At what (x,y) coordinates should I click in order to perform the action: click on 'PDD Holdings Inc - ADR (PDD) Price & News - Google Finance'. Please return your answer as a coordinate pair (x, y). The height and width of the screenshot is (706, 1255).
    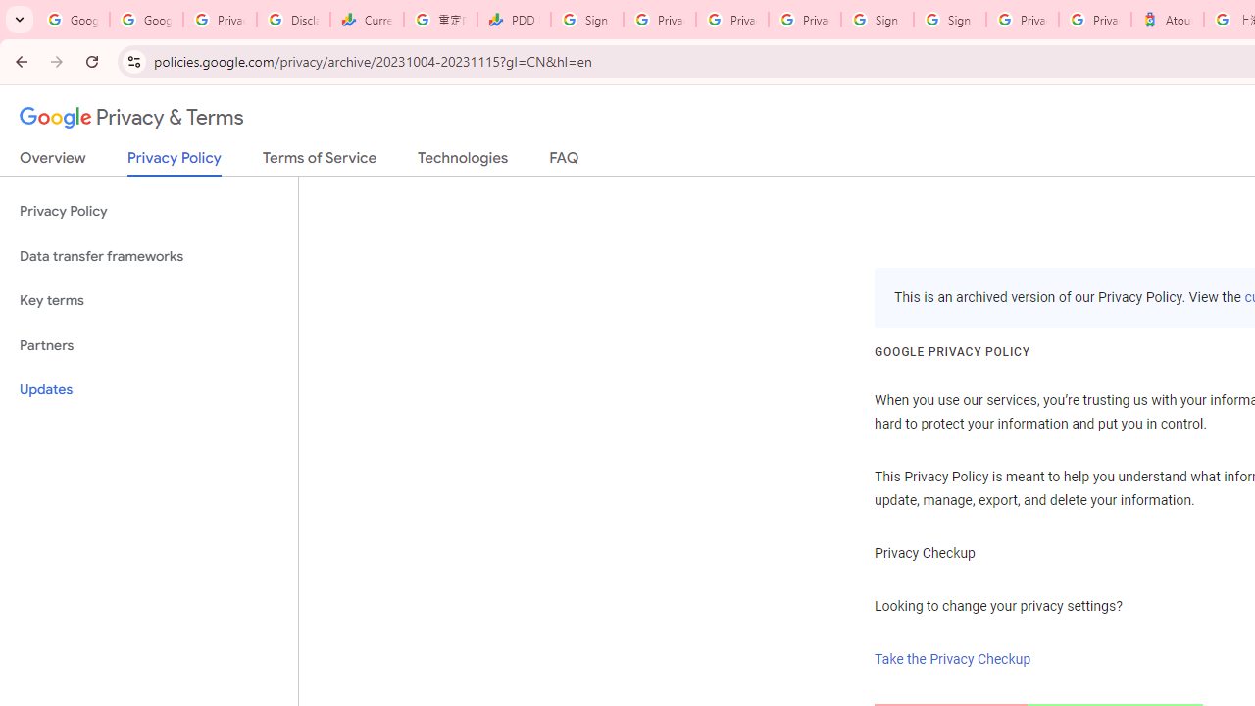
    Looking at the image, I should click on (514, 20).